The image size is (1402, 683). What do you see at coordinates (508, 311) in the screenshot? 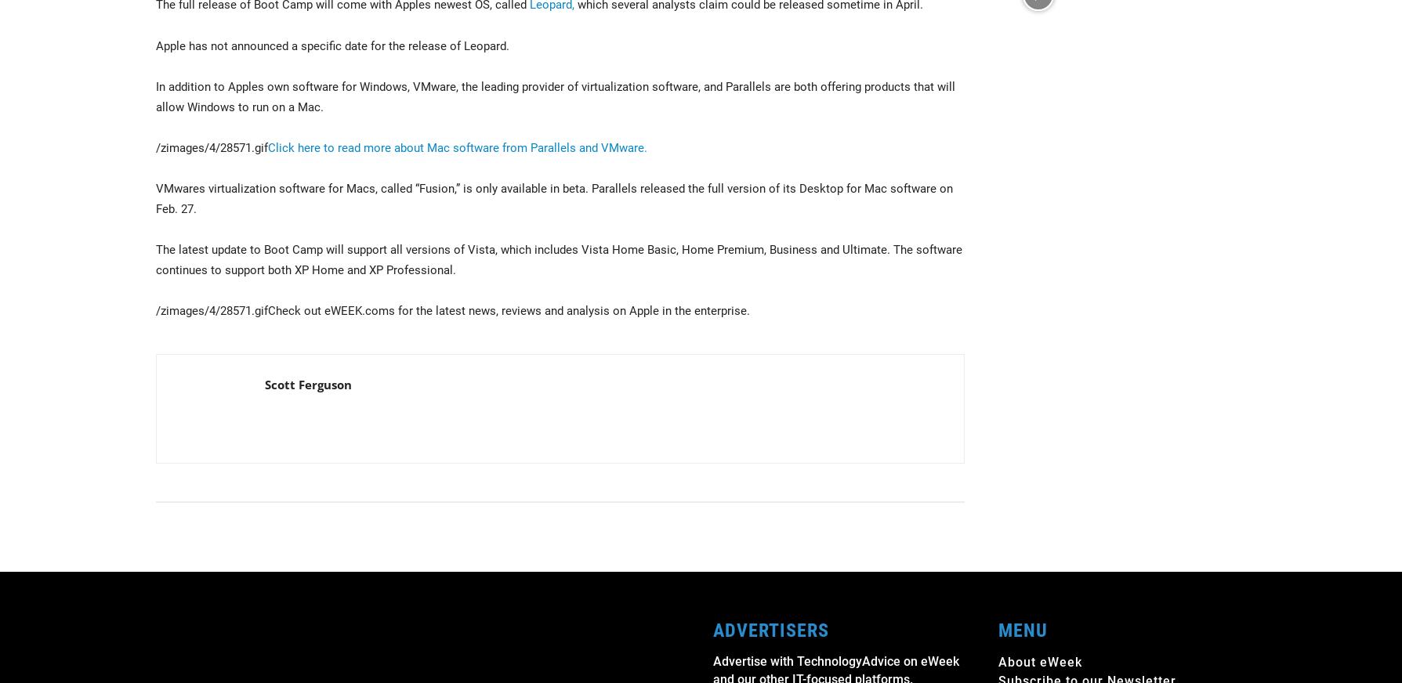
I see `'Check out eWEEK.coms for the latest news, reviews and analysis on Apple in the enterprise.'` at bounding box center [508, 311].